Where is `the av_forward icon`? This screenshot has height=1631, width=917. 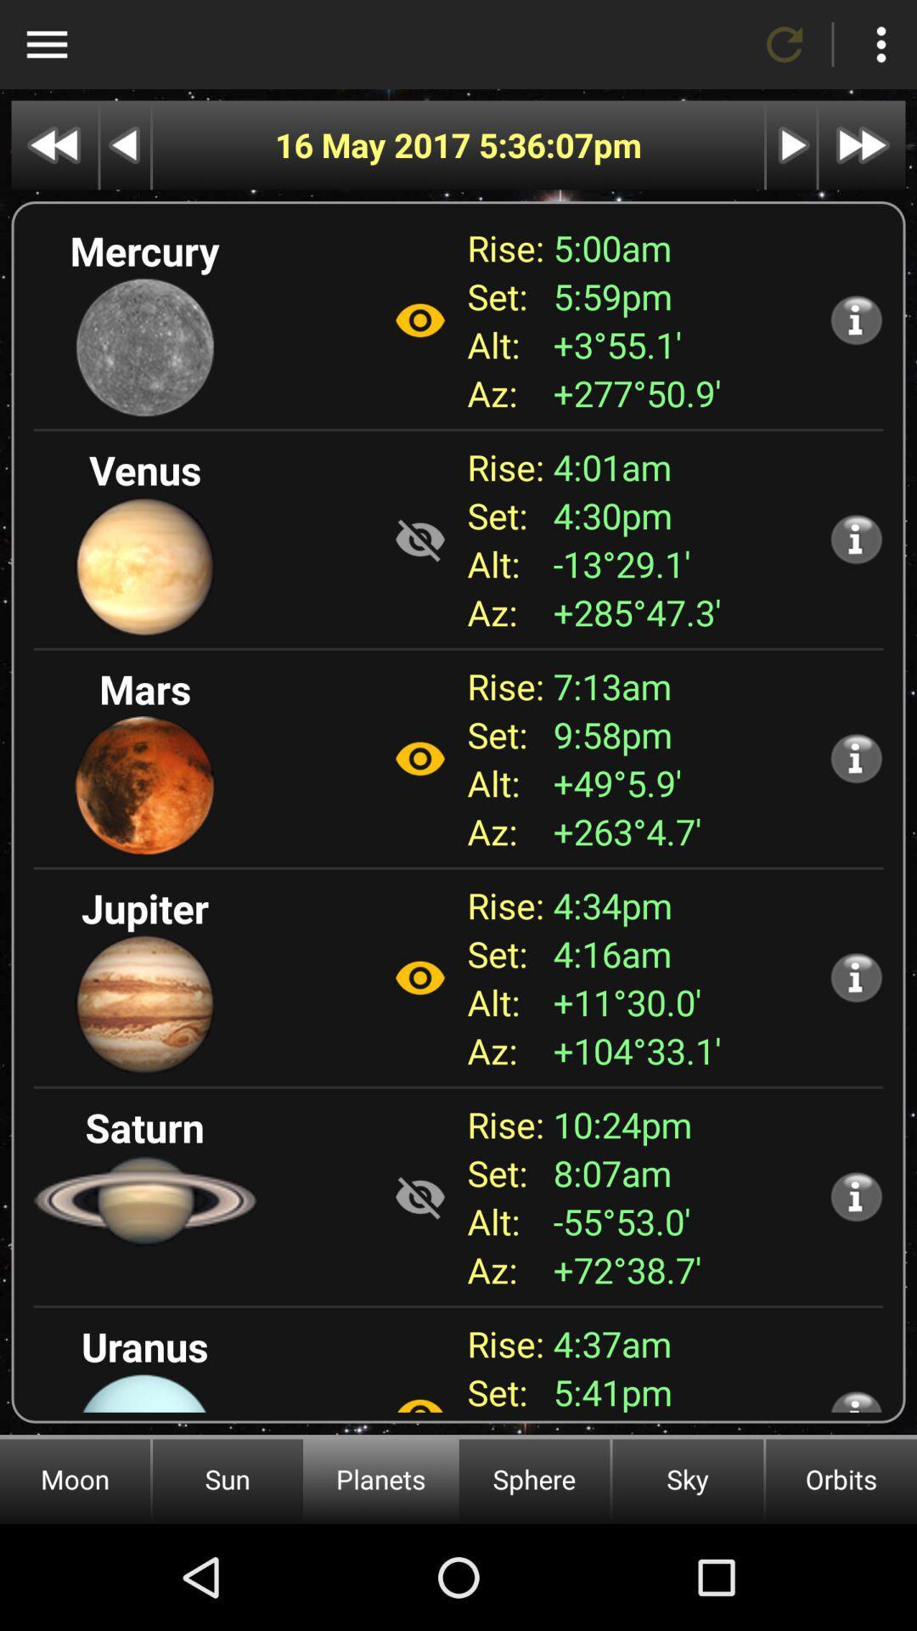
the av_forward icon is located at coordinates (862, 145).